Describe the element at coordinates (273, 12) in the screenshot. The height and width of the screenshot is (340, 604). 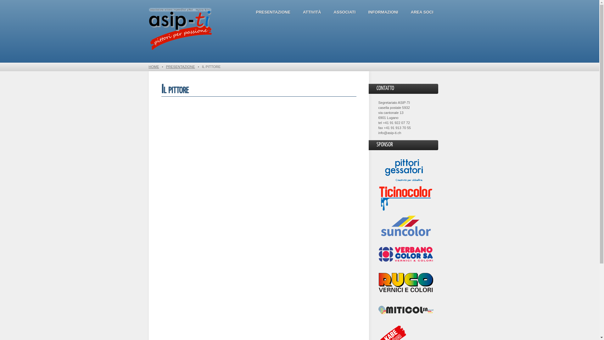
I see `'PRESENTAZIONE'` at that location.